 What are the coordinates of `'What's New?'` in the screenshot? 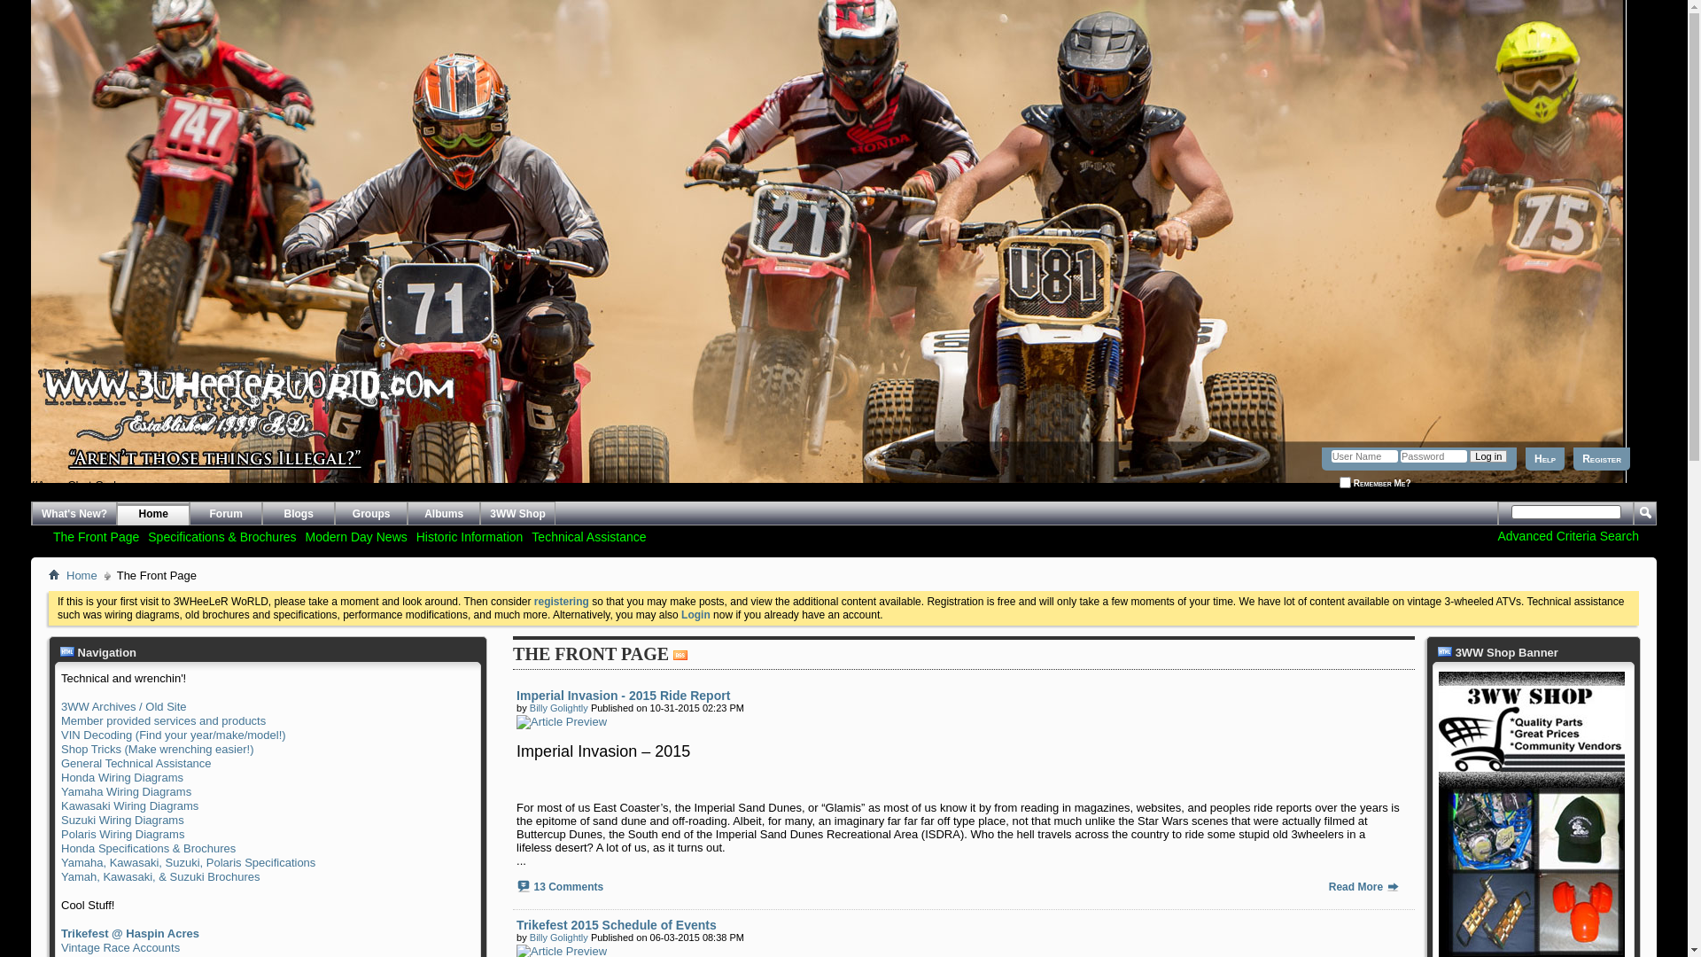 It's located at (31, 513).